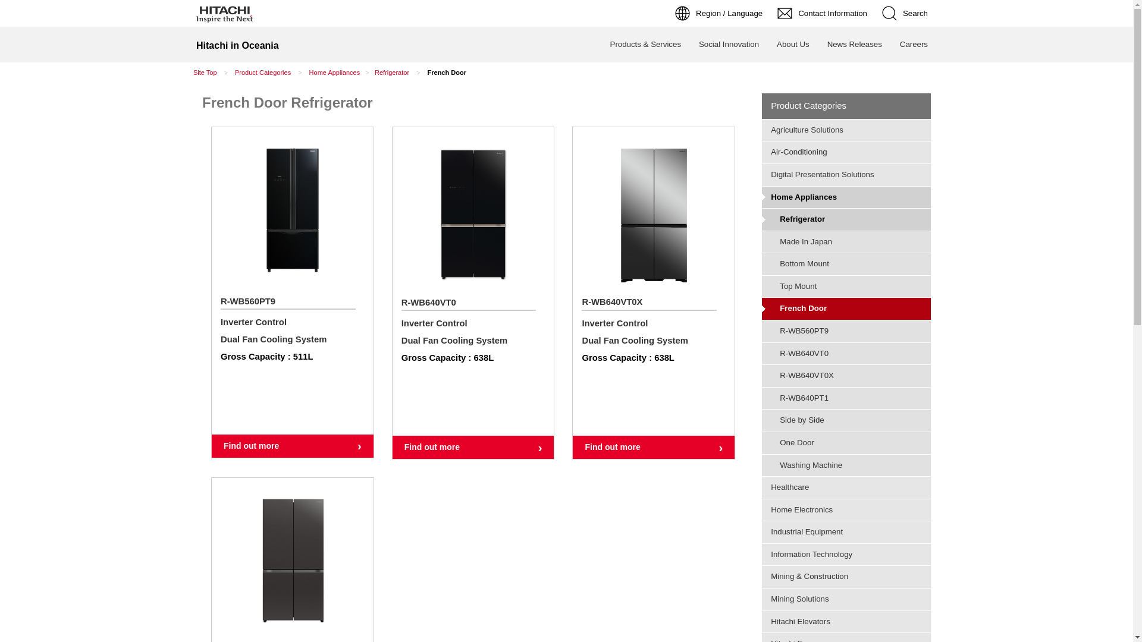  I want to click on 'Careers', so click(890, 43).